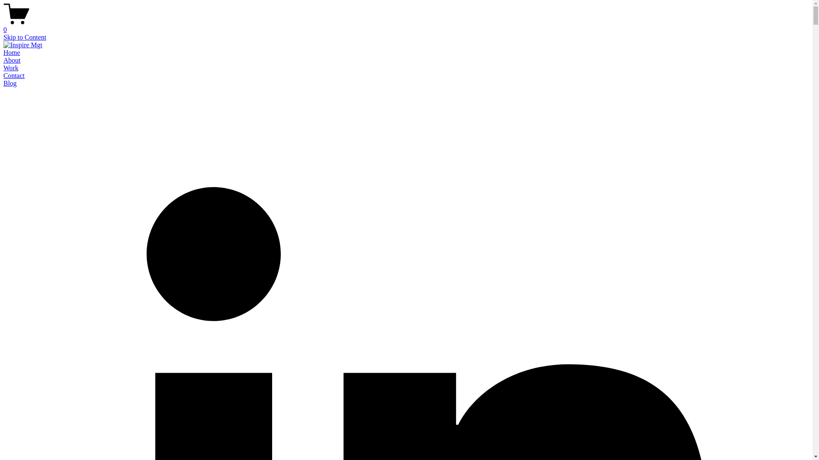 The image size is (819, 460). Describe the element at coordinates (12, 60) in the screenshot. I see `'About'` at that location.